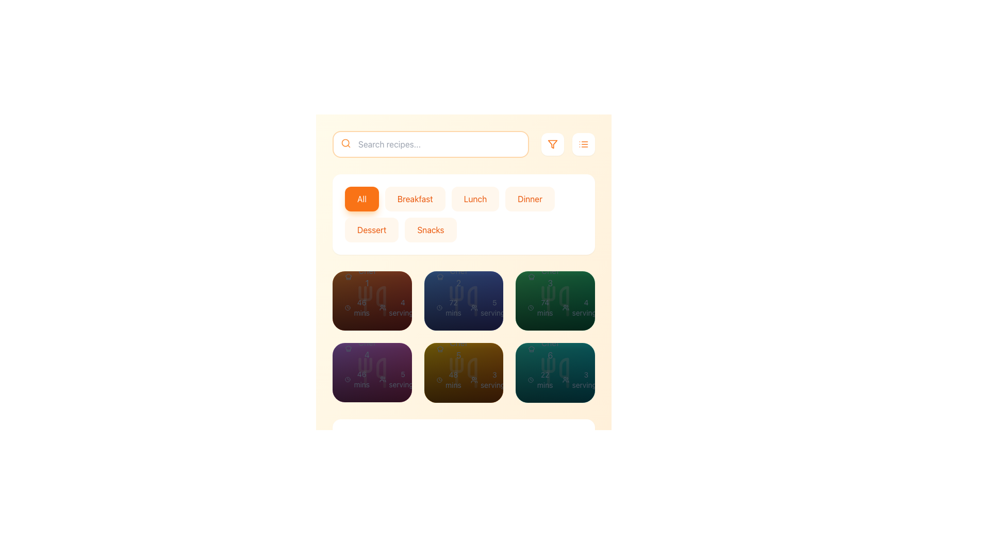 The height and width of the screenshot is (557, 990). I want to click on the text label displaying '74 mins' with a clock icon, so click(540, 307).